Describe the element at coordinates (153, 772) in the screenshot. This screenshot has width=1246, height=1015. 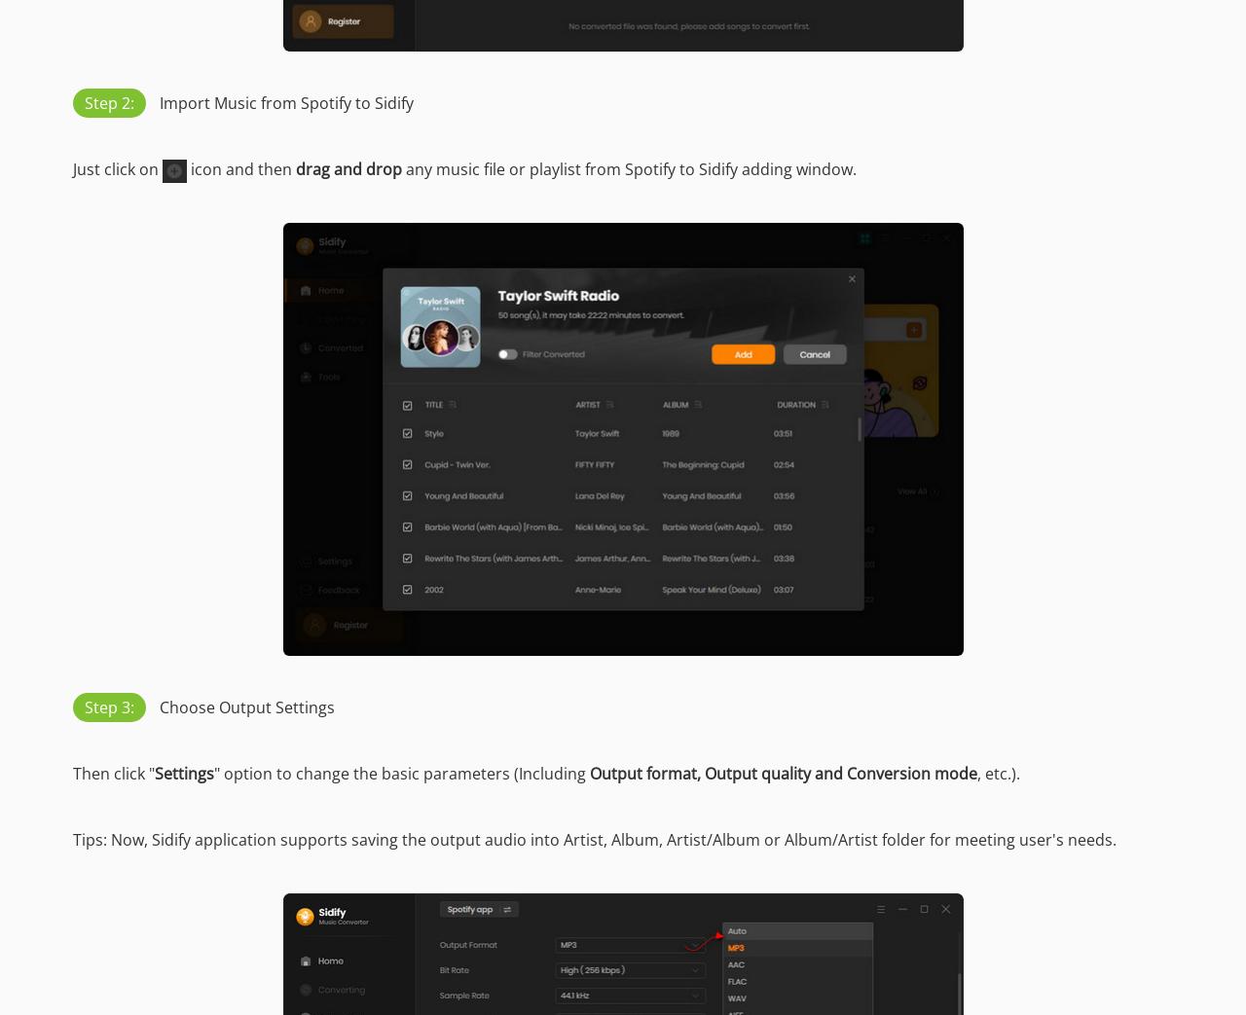
I see `'Settings'` at that location.